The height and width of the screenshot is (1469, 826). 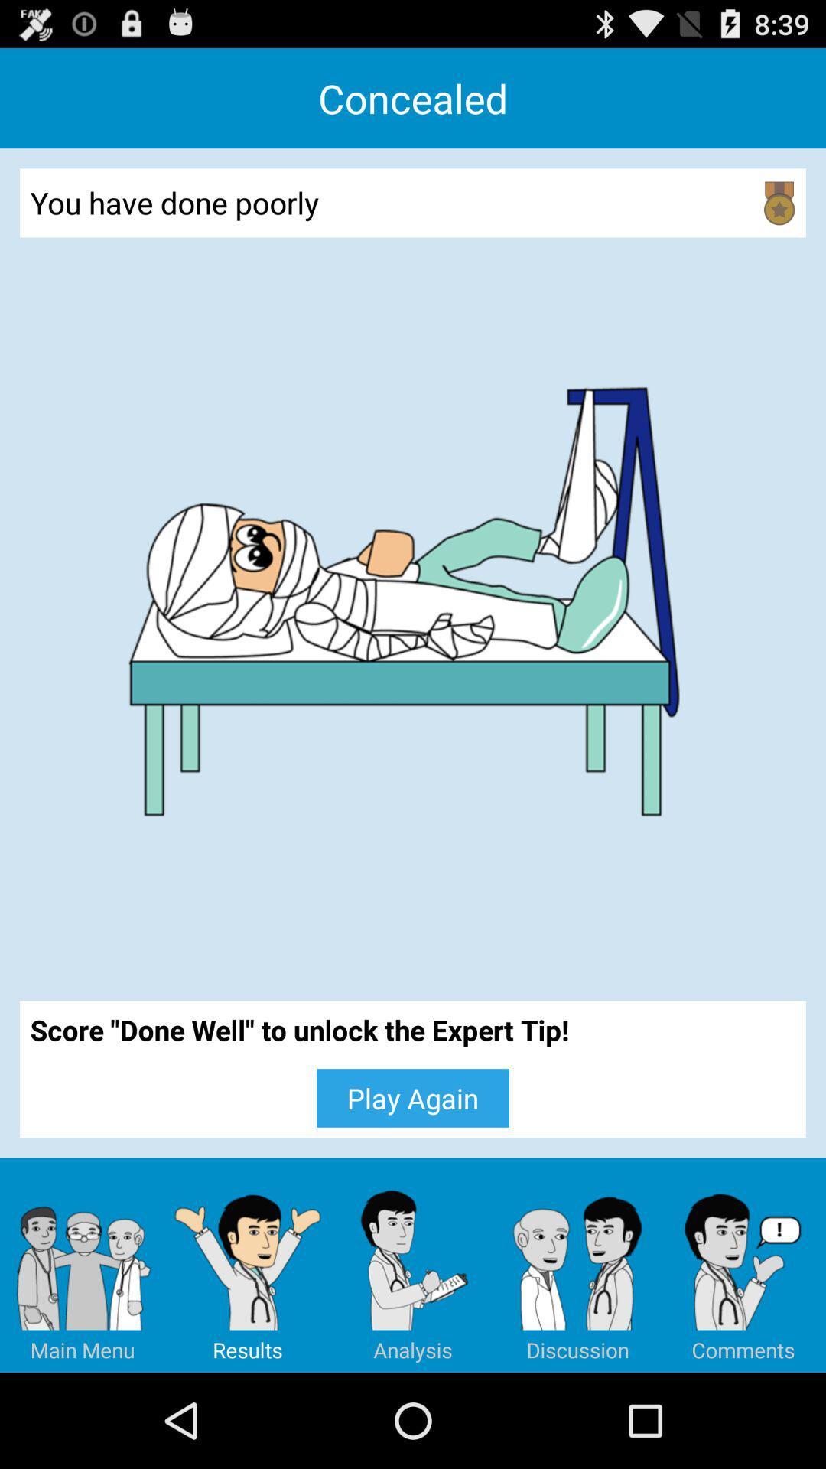 I want to click on the filter icon, so click(x=247, y=1353).